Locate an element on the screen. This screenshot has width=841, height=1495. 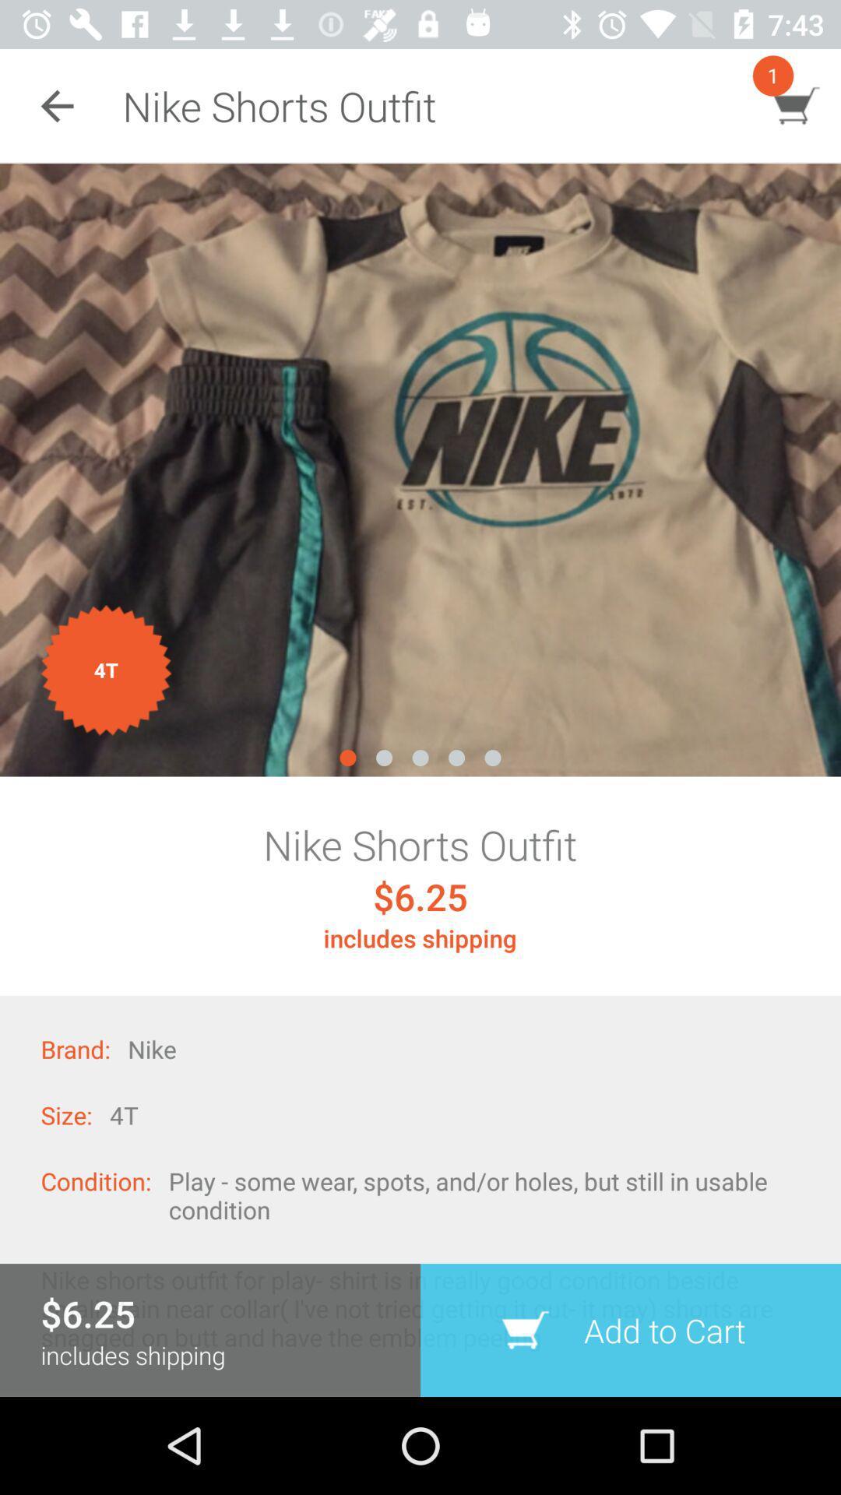
icon above the nike shorts outfit item is located at coordinates (420, 469).